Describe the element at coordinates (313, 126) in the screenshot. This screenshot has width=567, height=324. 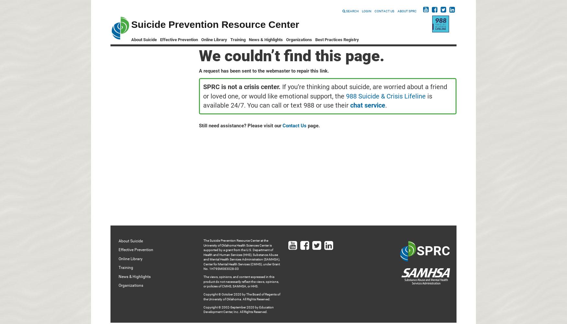
I see `'page.'` at that location.